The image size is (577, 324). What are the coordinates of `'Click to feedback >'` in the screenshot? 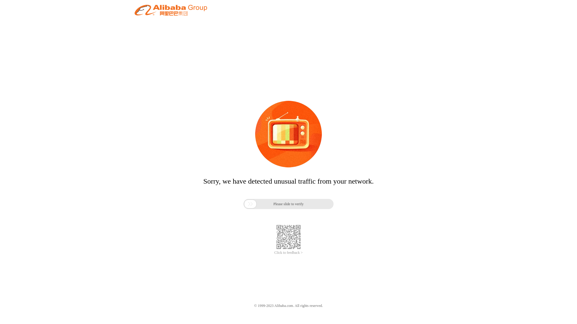 It's located at (288, 253).